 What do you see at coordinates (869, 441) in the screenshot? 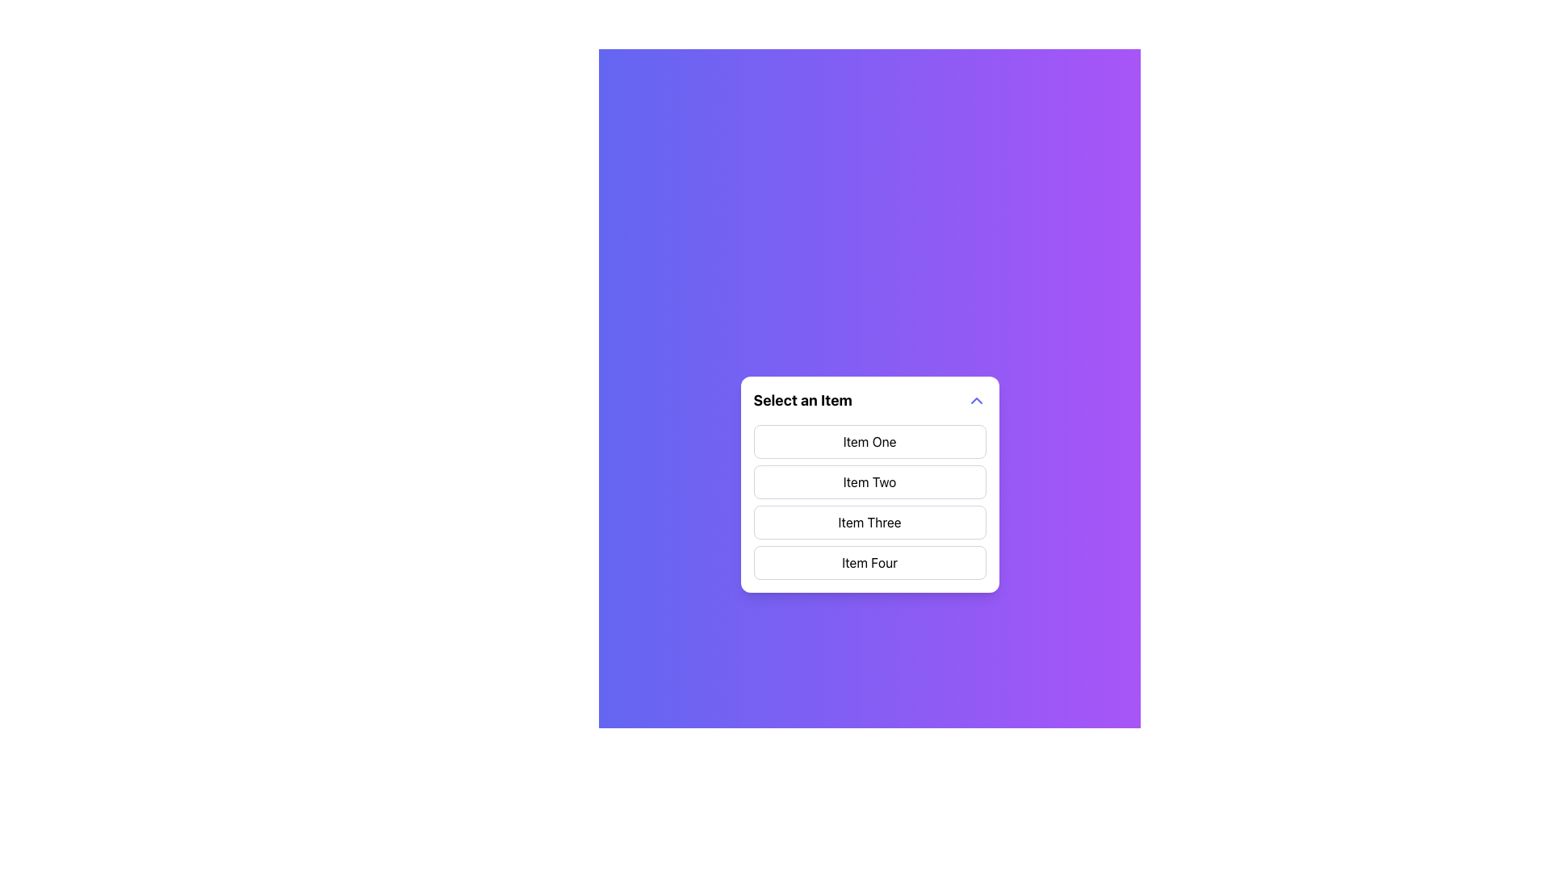
I see `the first item in the dropdown menu, labeled 'Item One'` at bounding box center [869, 441].